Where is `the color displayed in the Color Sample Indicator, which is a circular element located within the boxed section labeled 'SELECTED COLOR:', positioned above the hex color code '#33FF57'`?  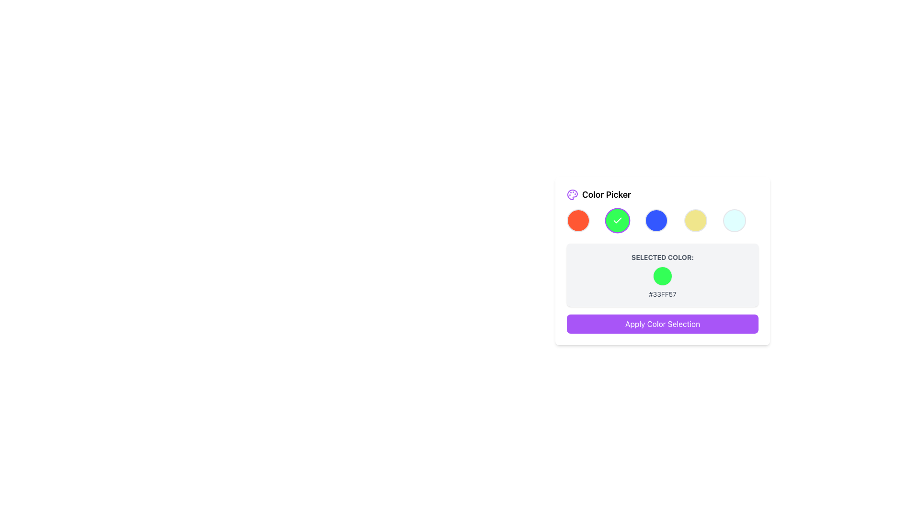
the color displayed in the Color Sample Indicator, which is a circular element located within the boxed section labeled 'SELECTED COLOR:', positioned above the hex color code '#33FF57' is located at coordinates (662, 276).